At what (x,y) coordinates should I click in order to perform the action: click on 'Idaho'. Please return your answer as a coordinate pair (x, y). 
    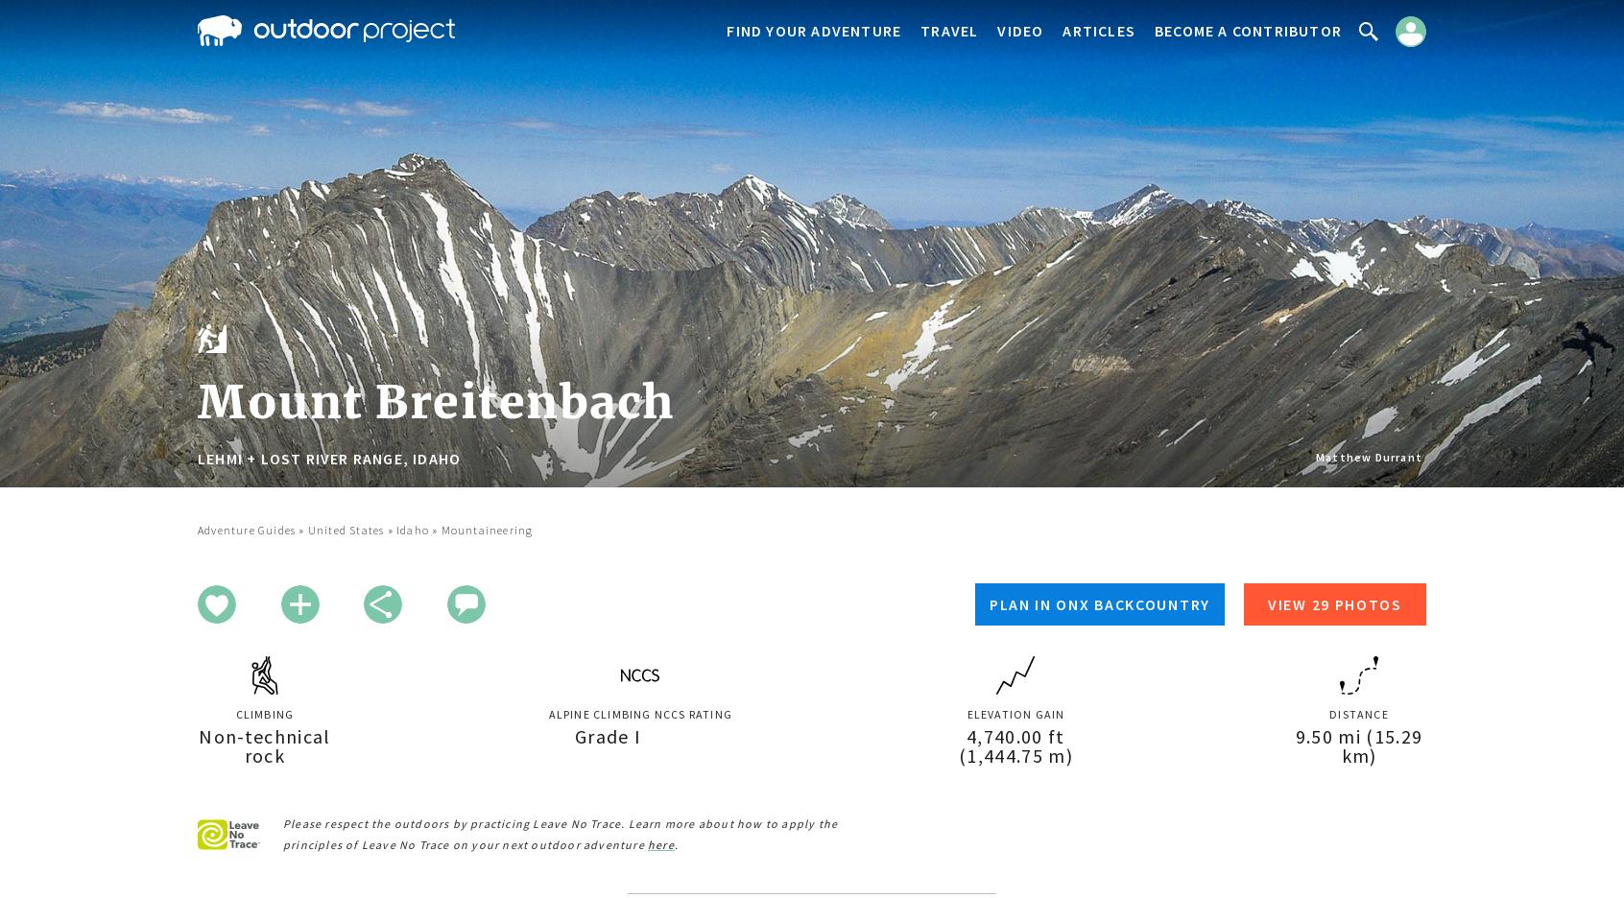
    Looking at the image, I should click on (411, 529).